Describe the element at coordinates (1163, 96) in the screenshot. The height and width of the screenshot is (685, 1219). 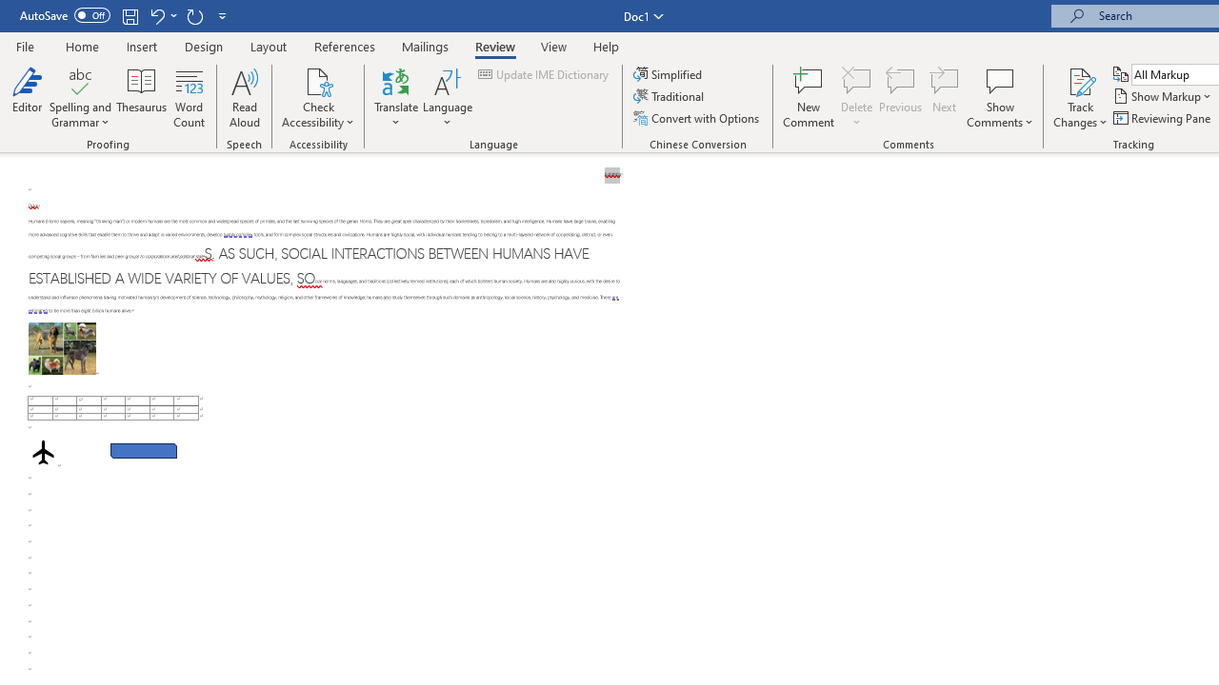
I see `'Show Markup'` at that location.